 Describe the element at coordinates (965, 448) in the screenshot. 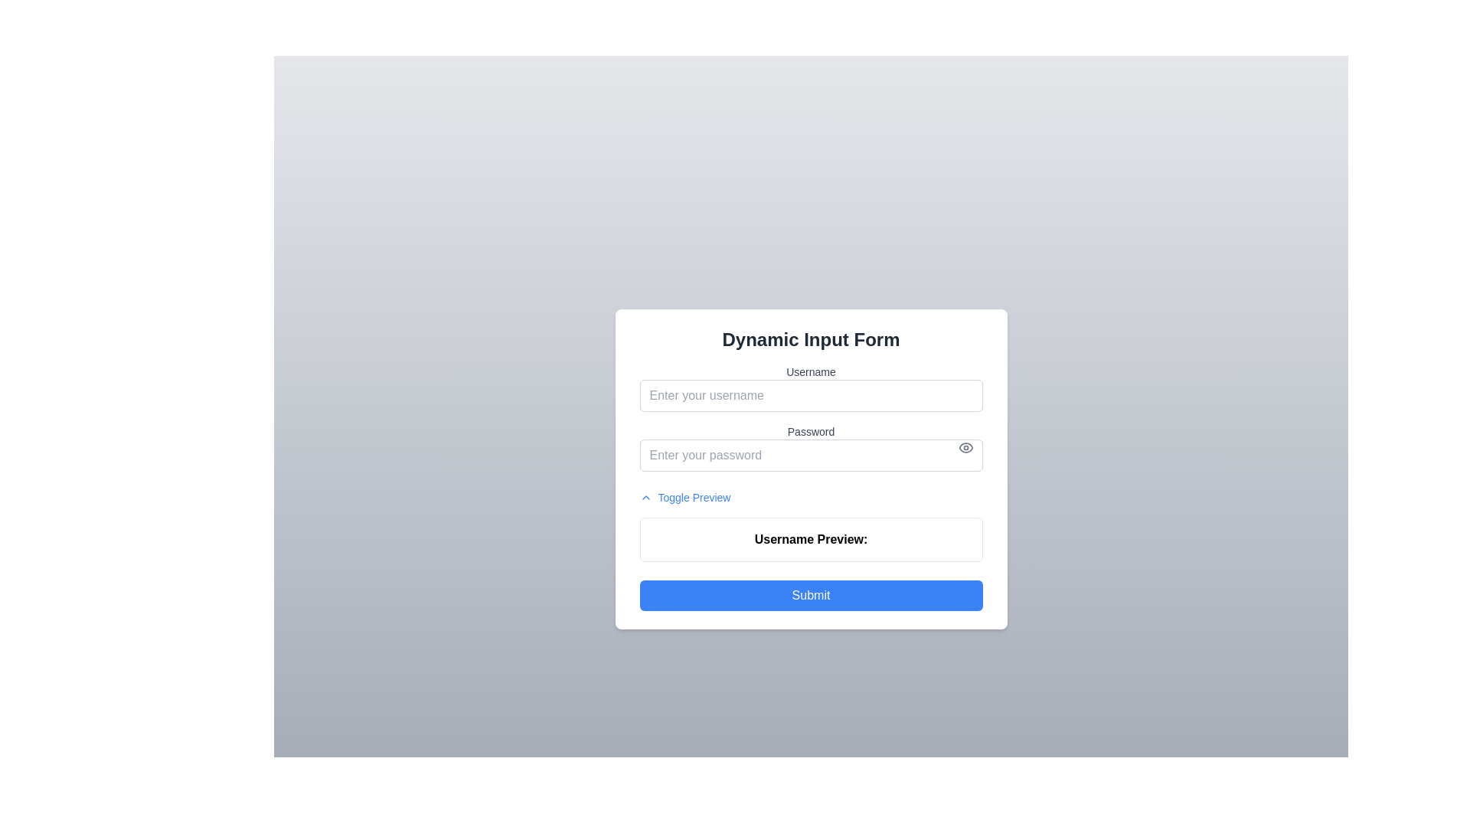

I see `the button located at the far right of the password input field` at that location.